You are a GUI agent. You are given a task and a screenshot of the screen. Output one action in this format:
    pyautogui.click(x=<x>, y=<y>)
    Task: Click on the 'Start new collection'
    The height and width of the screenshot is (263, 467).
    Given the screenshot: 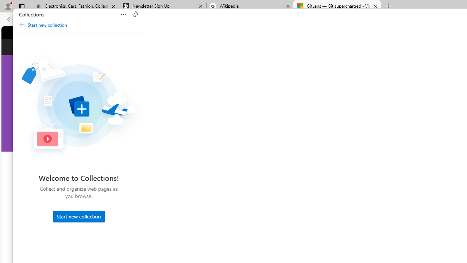 What is the action you would take?
    pyautogui.click(x=78, y=216)
    